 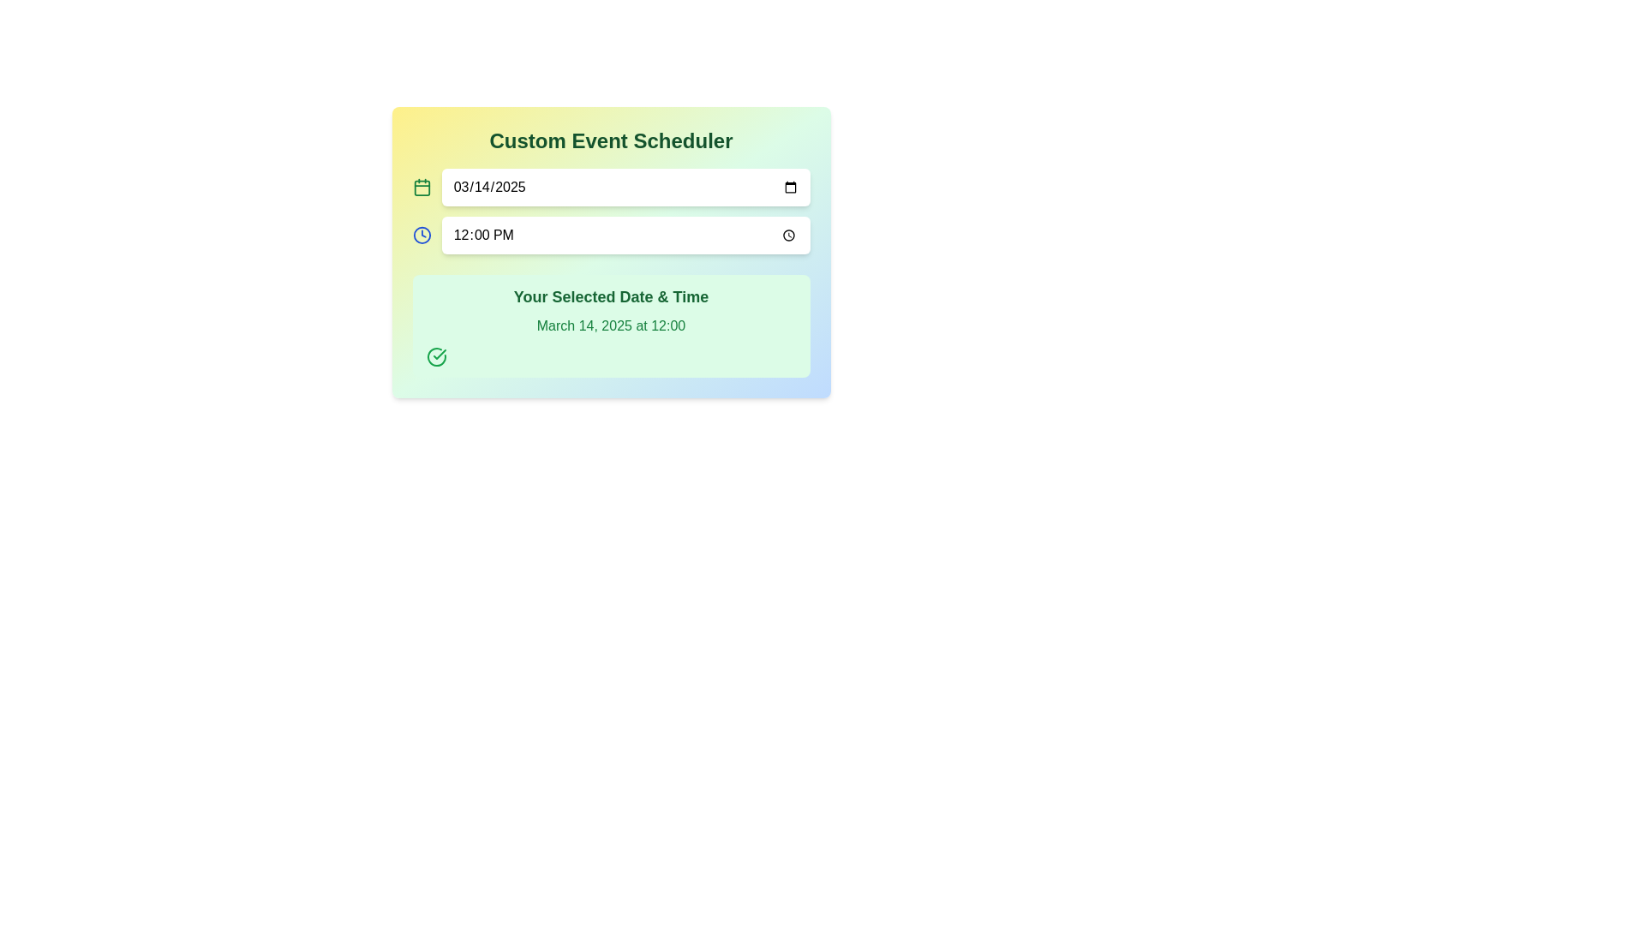 What do you see at coordinates (422, 188) in the screenshot?
I see `the calendar icon located to the left of the date input field, which indicates that the adjacent field accepts date inputs` at bounding box center [422, 188].